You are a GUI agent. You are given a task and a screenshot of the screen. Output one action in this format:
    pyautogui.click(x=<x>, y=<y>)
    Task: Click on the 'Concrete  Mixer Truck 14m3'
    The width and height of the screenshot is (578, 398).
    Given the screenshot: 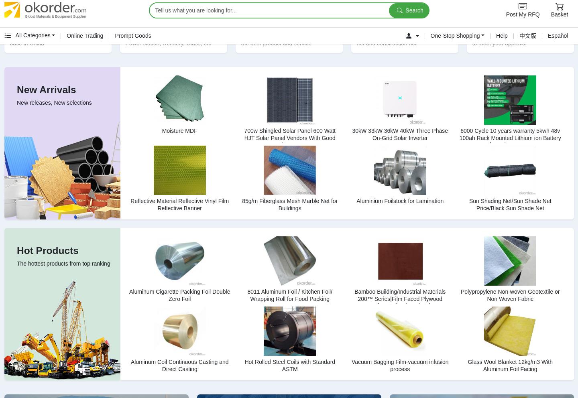 What is the action you would take?
    pyautogui.click(x=44, y=147)
    